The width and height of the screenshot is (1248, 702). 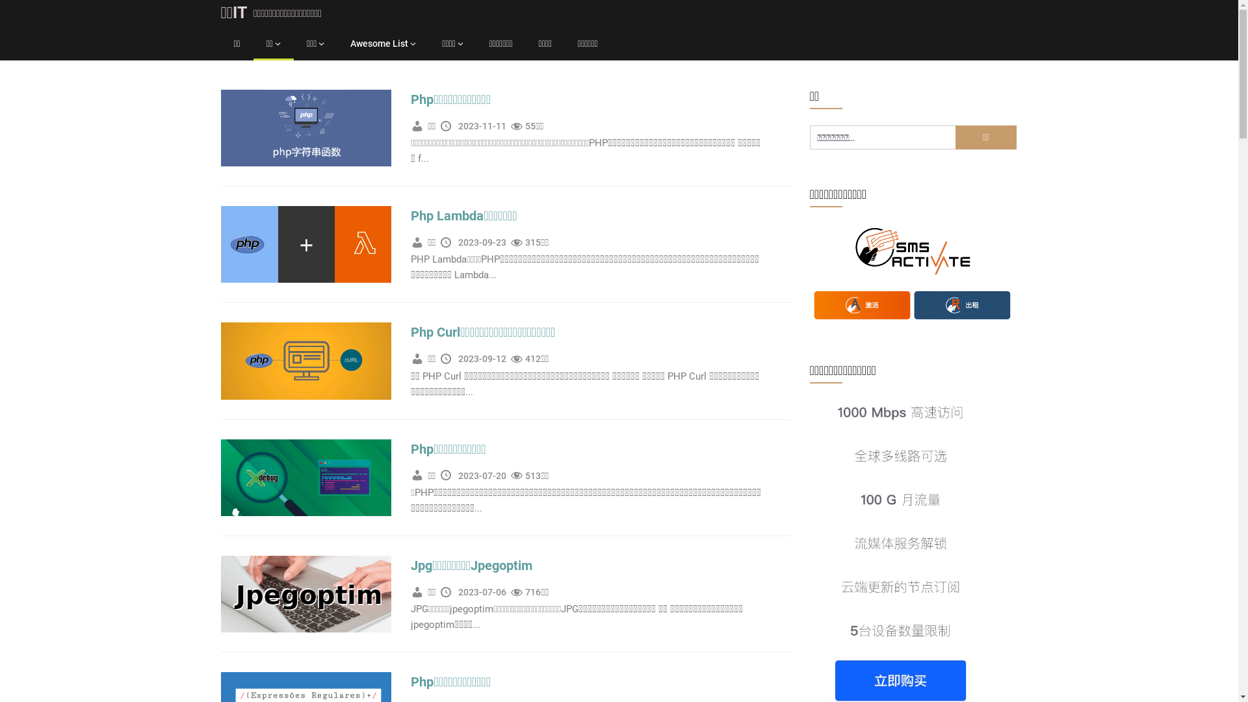 What do you see at coordinates (382, 43) in the screenshot?
I see `'Awesome List'` at bounding box center [382, 43].